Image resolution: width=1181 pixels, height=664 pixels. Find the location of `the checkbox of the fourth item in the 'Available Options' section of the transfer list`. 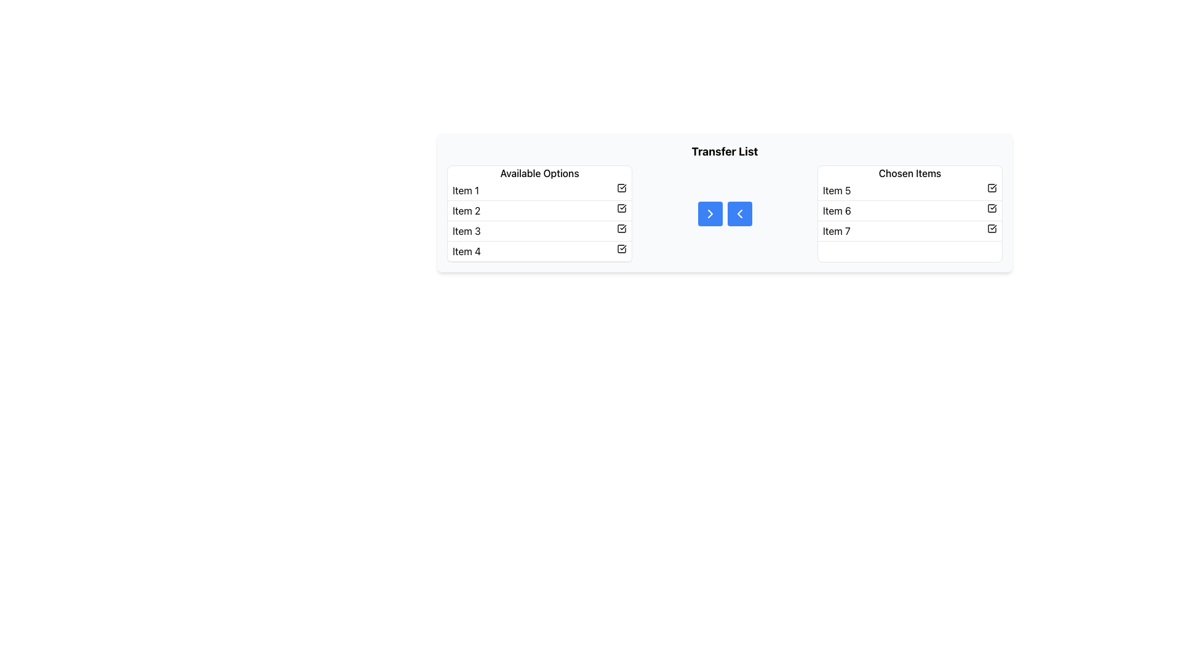

the checkbox of the fourth item in the 'Available Options' section of the transfer list is located at coordinates (539, 251).